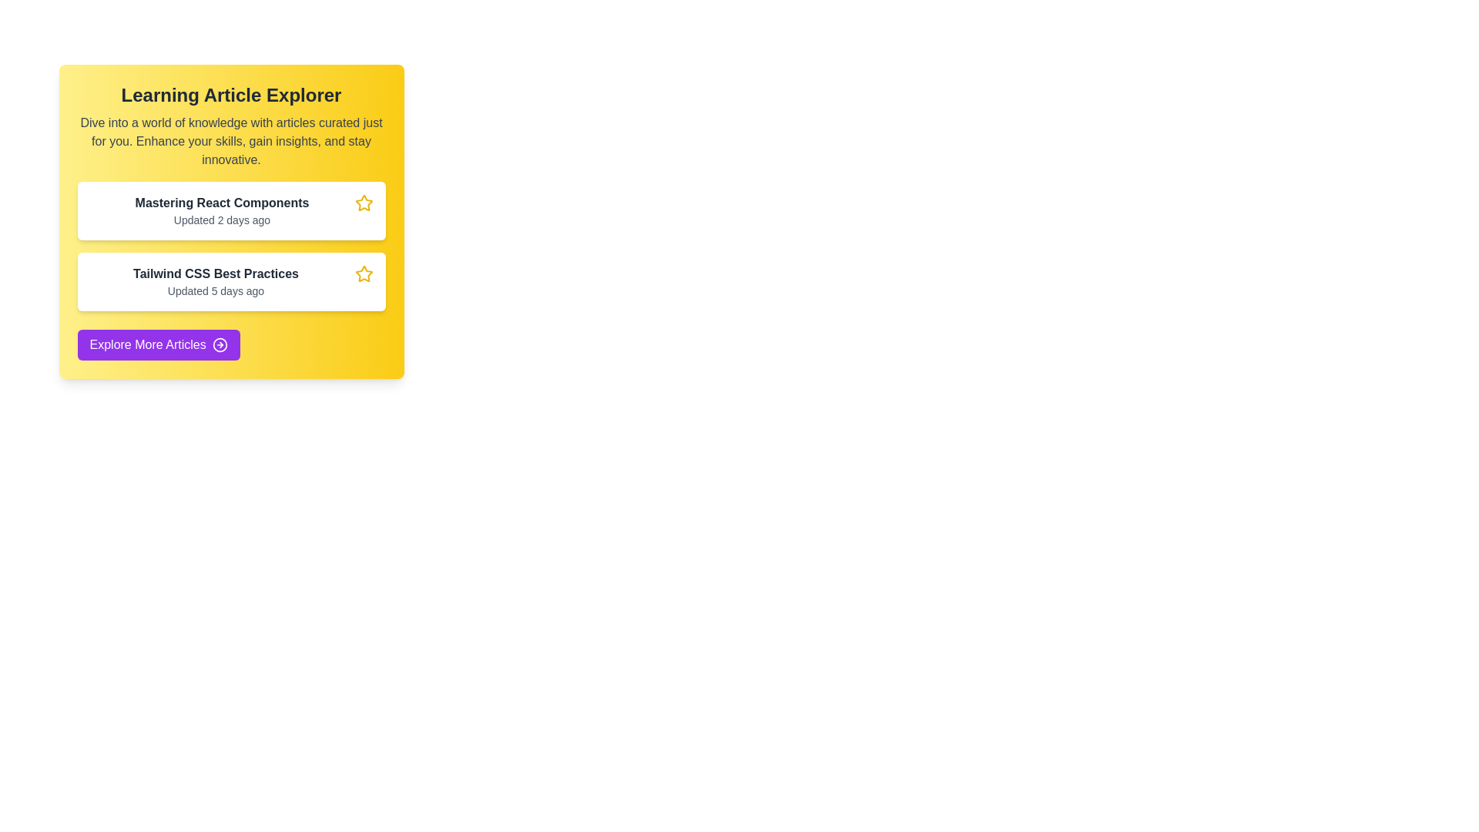 The height and width of the screenshot is (832, 1479). Describe the element at coordinates (221, 220) in the screenshot. I see `text content of the Text label that indicates the last update time, positioned directly below the title 'Mastering React Components'` at that location.